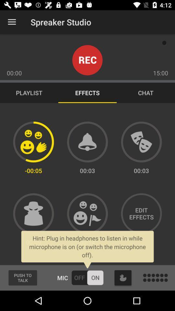 The width and height of the screenshot is (175, 311). What do you see at coordinates (87, 60) in the screenshot?
I see `record sound` at bounding box center [87, 60].